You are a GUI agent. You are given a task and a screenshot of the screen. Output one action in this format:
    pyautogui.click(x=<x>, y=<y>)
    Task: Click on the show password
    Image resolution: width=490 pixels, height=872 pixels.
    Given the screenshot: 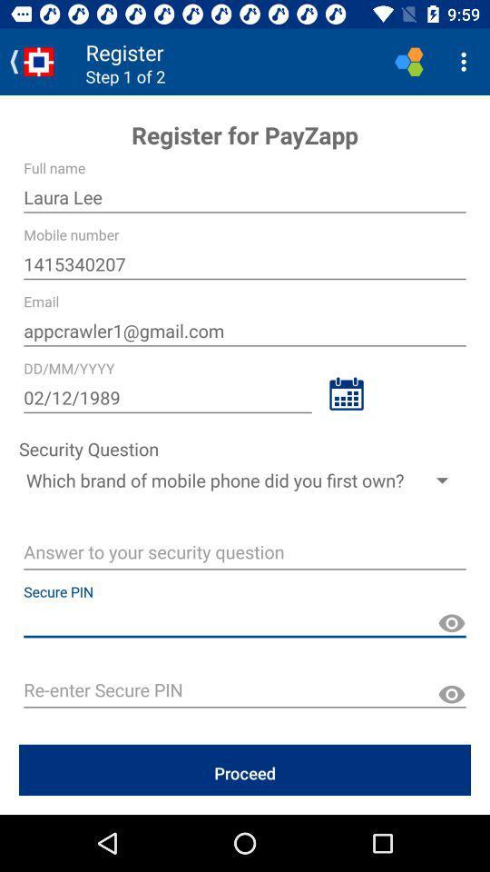 What is the action you would take?
    pyautogui.click(x=450, y=623)
    